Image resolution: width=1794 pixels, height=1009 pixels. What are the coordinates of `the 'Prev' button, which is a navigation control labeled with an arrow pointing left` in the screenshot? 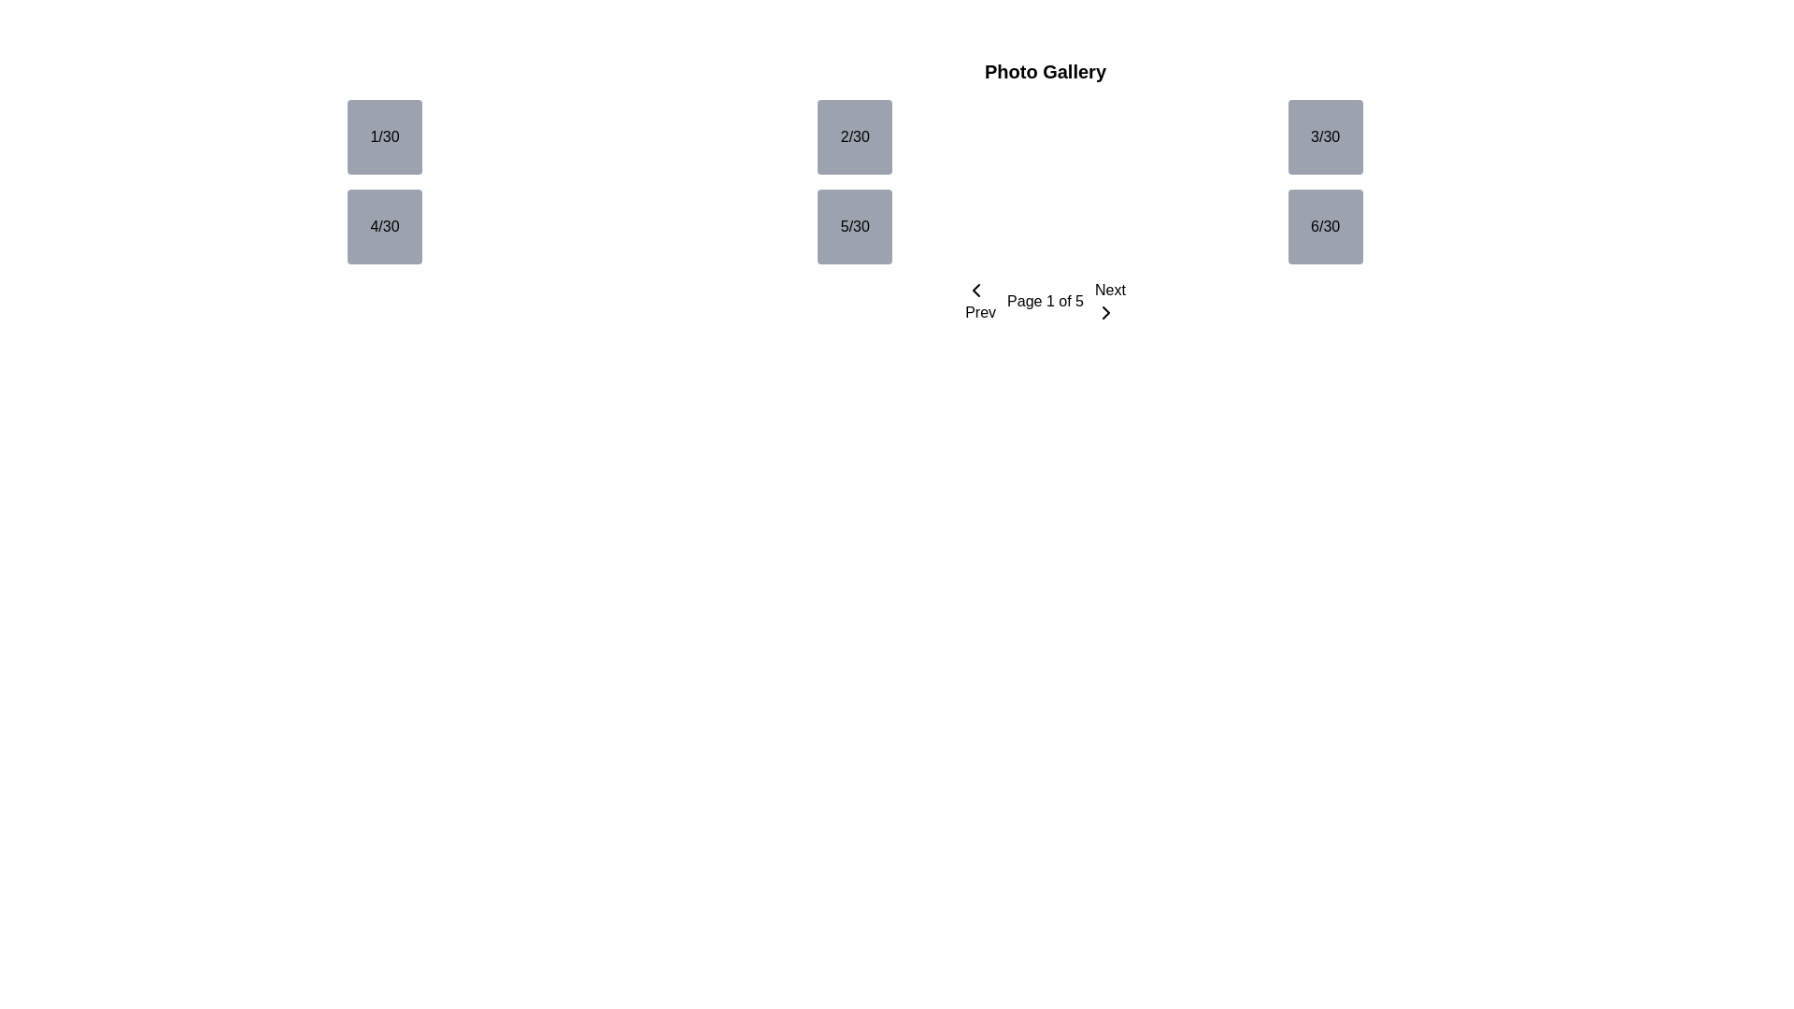 It's located at (979, 301).